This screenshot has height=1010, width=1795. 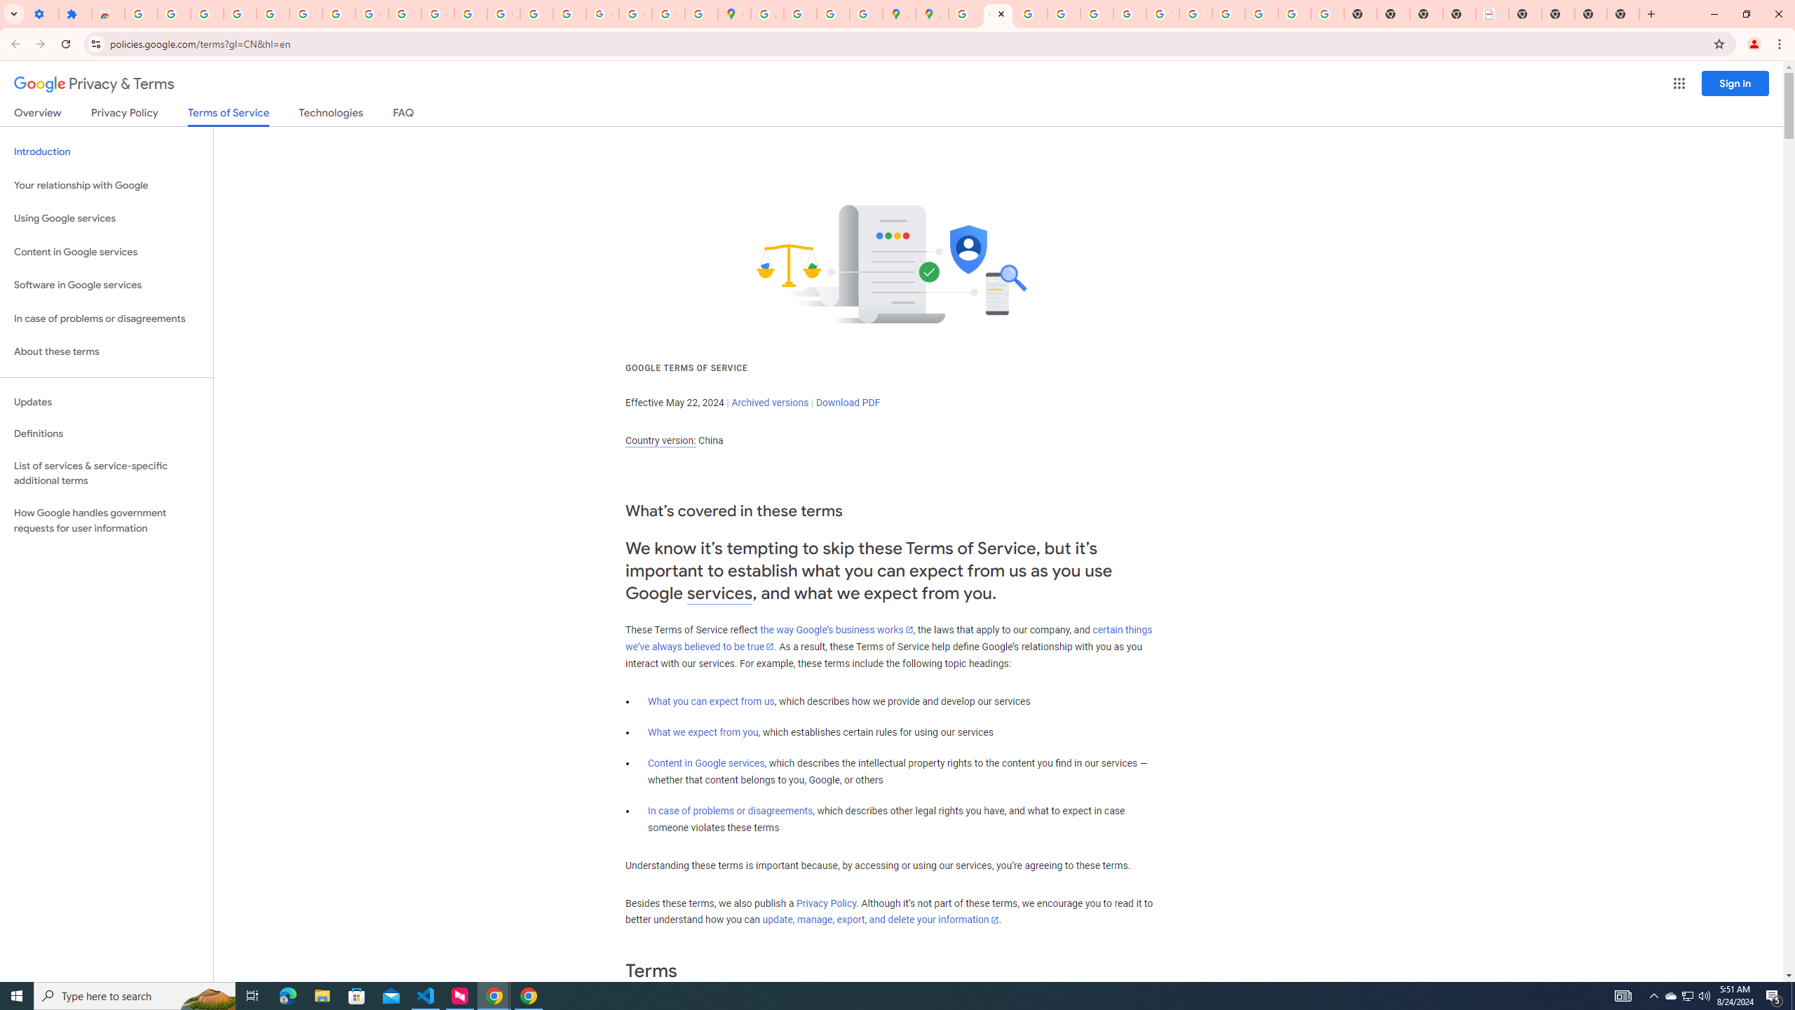 What do you see at coordinates (404, 13) in the screenshot?
I see `'YouTube'` at bounding box center [404, 13].